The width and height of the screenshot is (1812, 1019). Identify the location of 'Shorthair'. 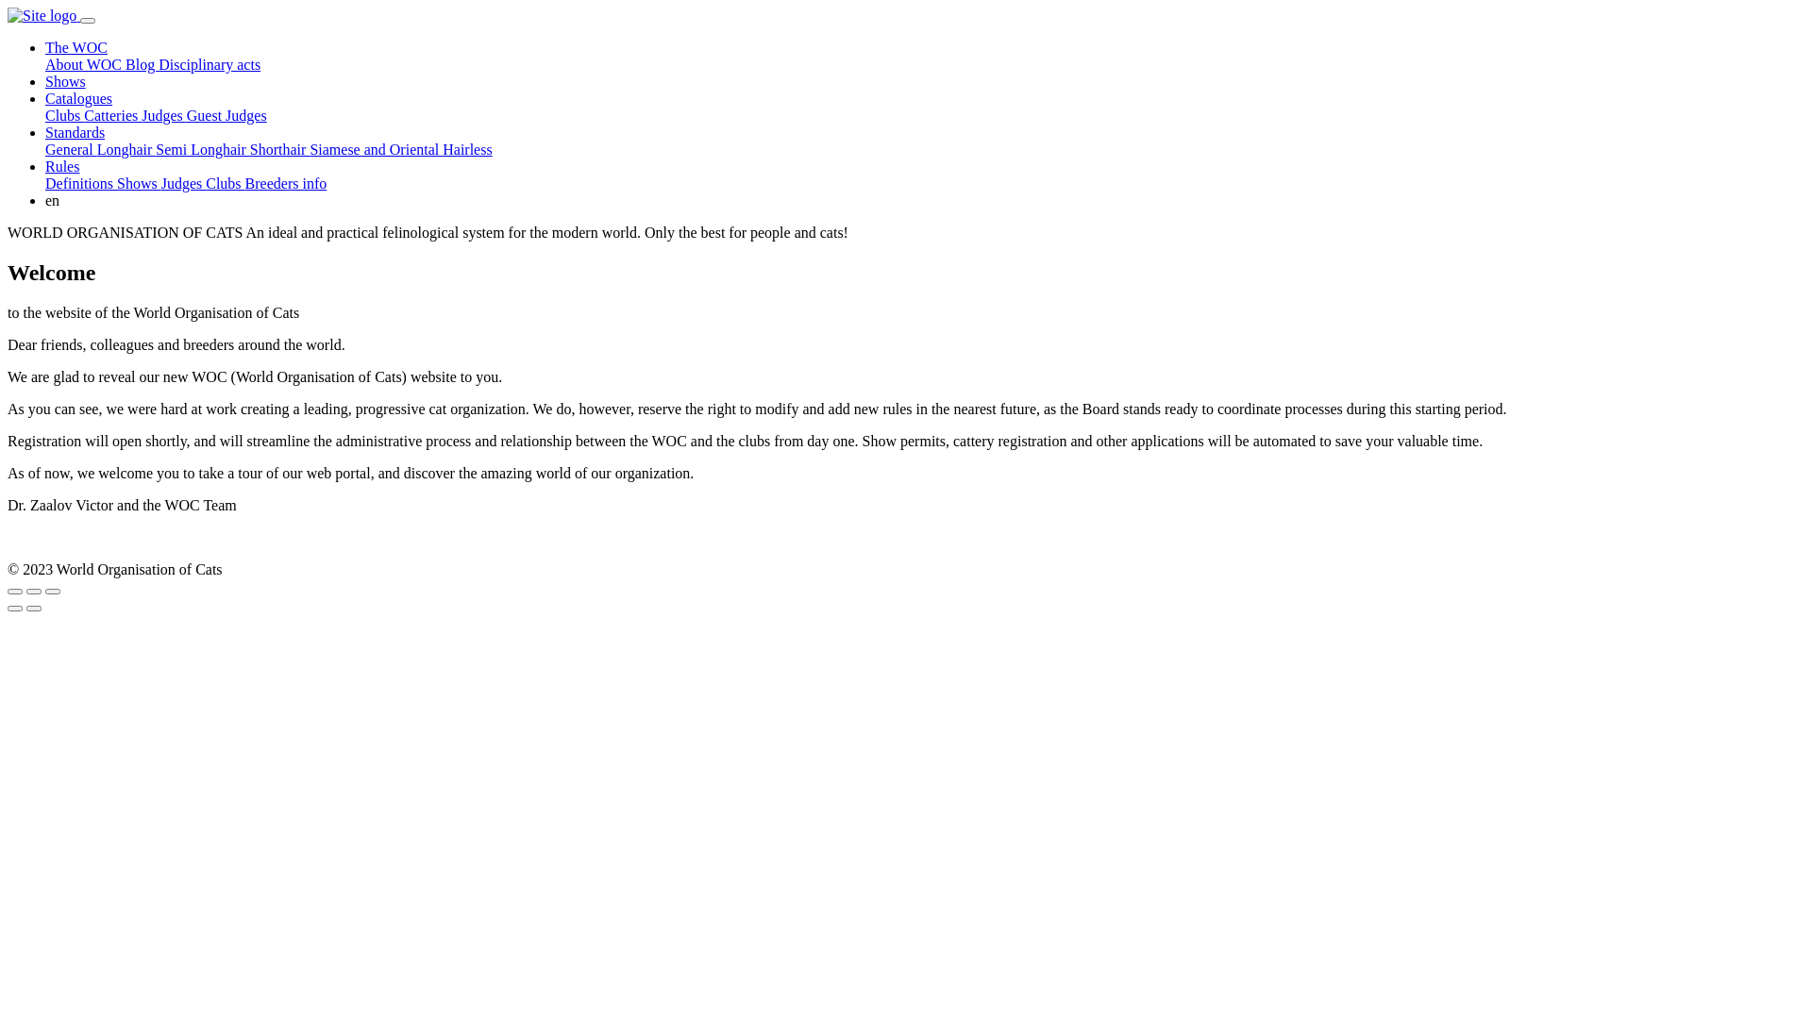
(248, 148).